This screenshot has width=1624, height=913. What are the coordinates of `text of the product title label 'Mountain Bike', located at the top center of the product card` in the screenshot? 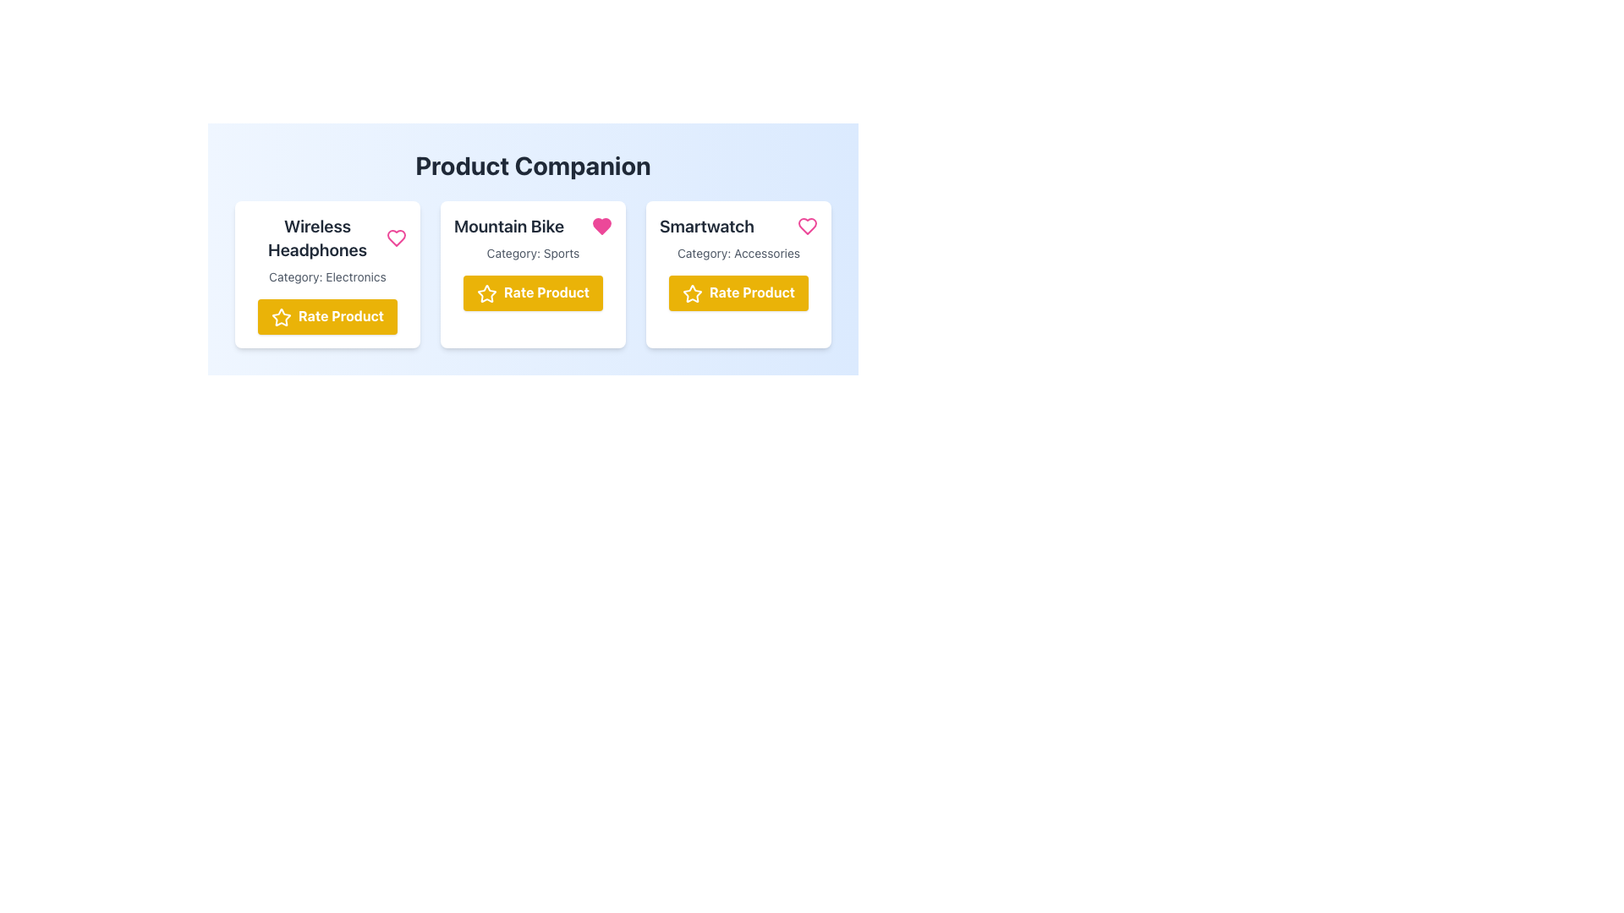 It's located at (508, 225).